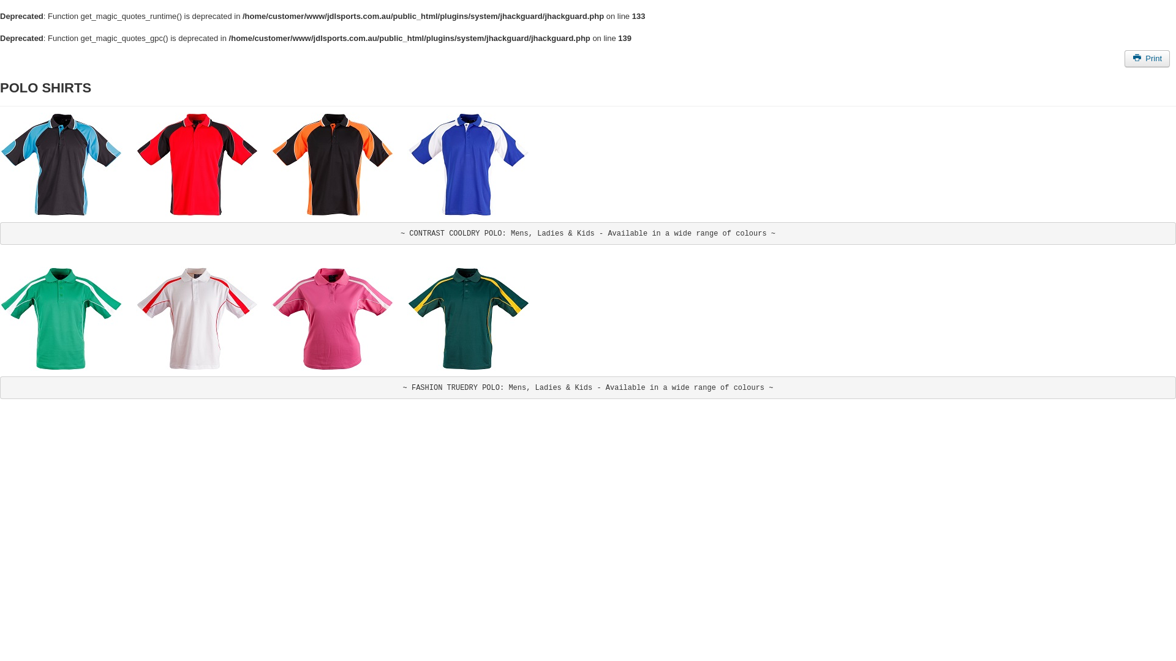 The height and width of the screenshot is (661, 1176). Describe the element at coordinates (1146, 58) in the screenshot. I see `'Print'` at that location.